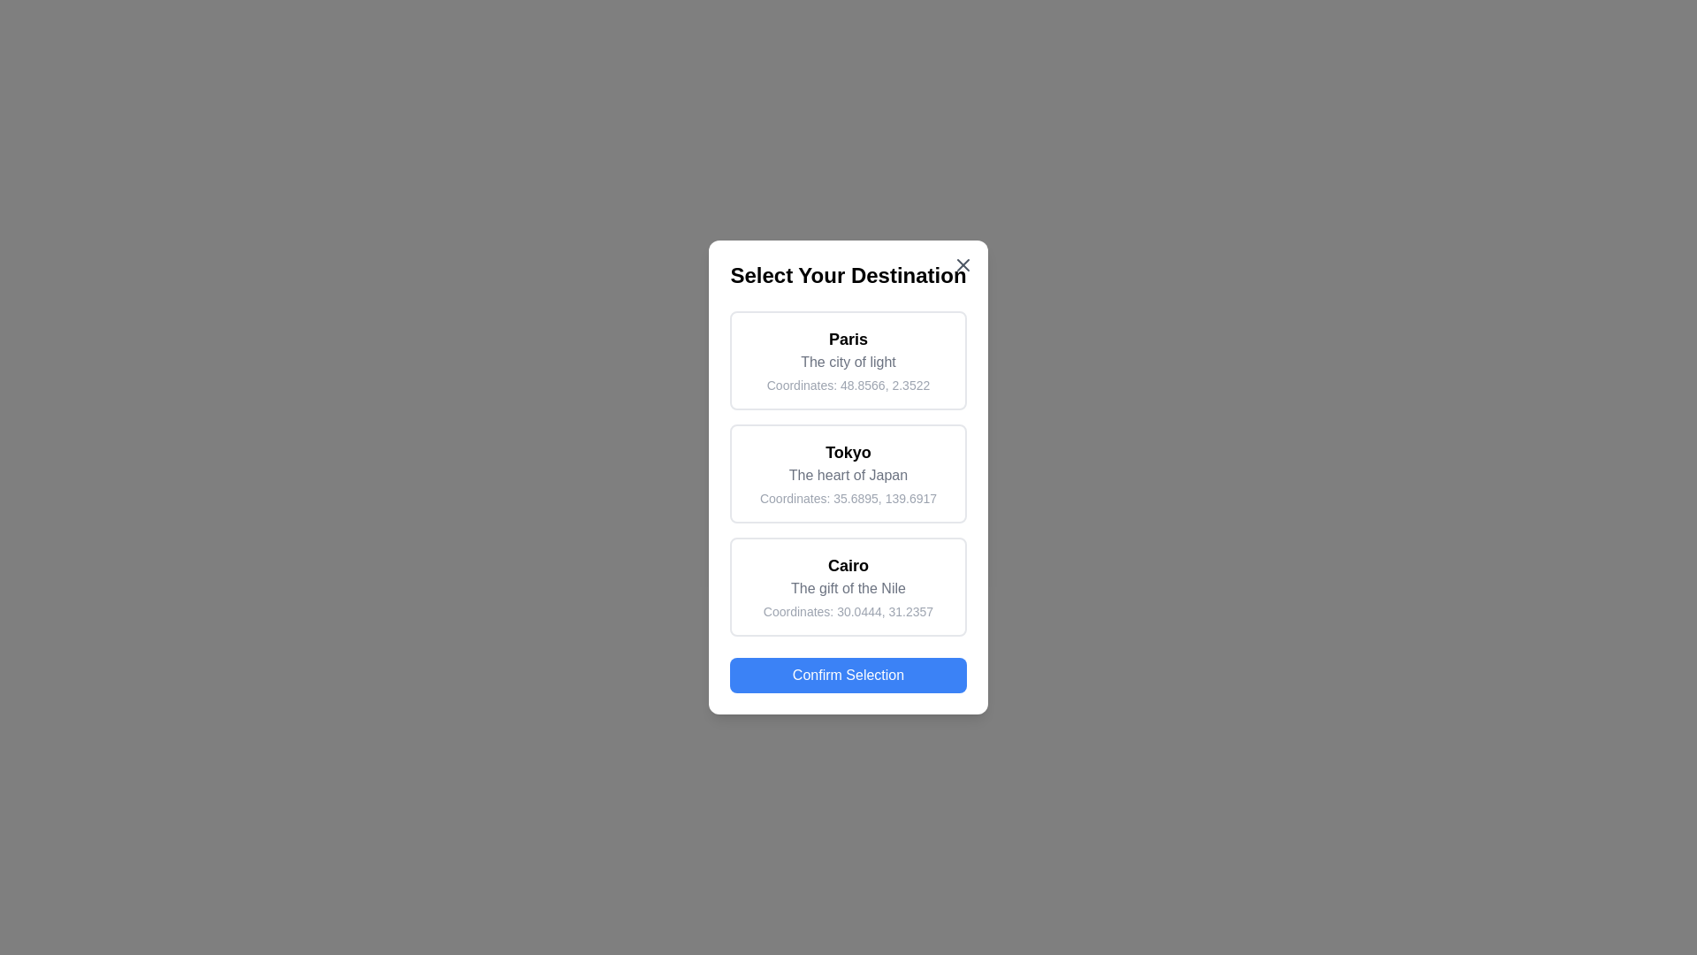  Describe the element at coordinates (848, 473) in the screenshot. I see `the destination card for Tokyo` at that location.